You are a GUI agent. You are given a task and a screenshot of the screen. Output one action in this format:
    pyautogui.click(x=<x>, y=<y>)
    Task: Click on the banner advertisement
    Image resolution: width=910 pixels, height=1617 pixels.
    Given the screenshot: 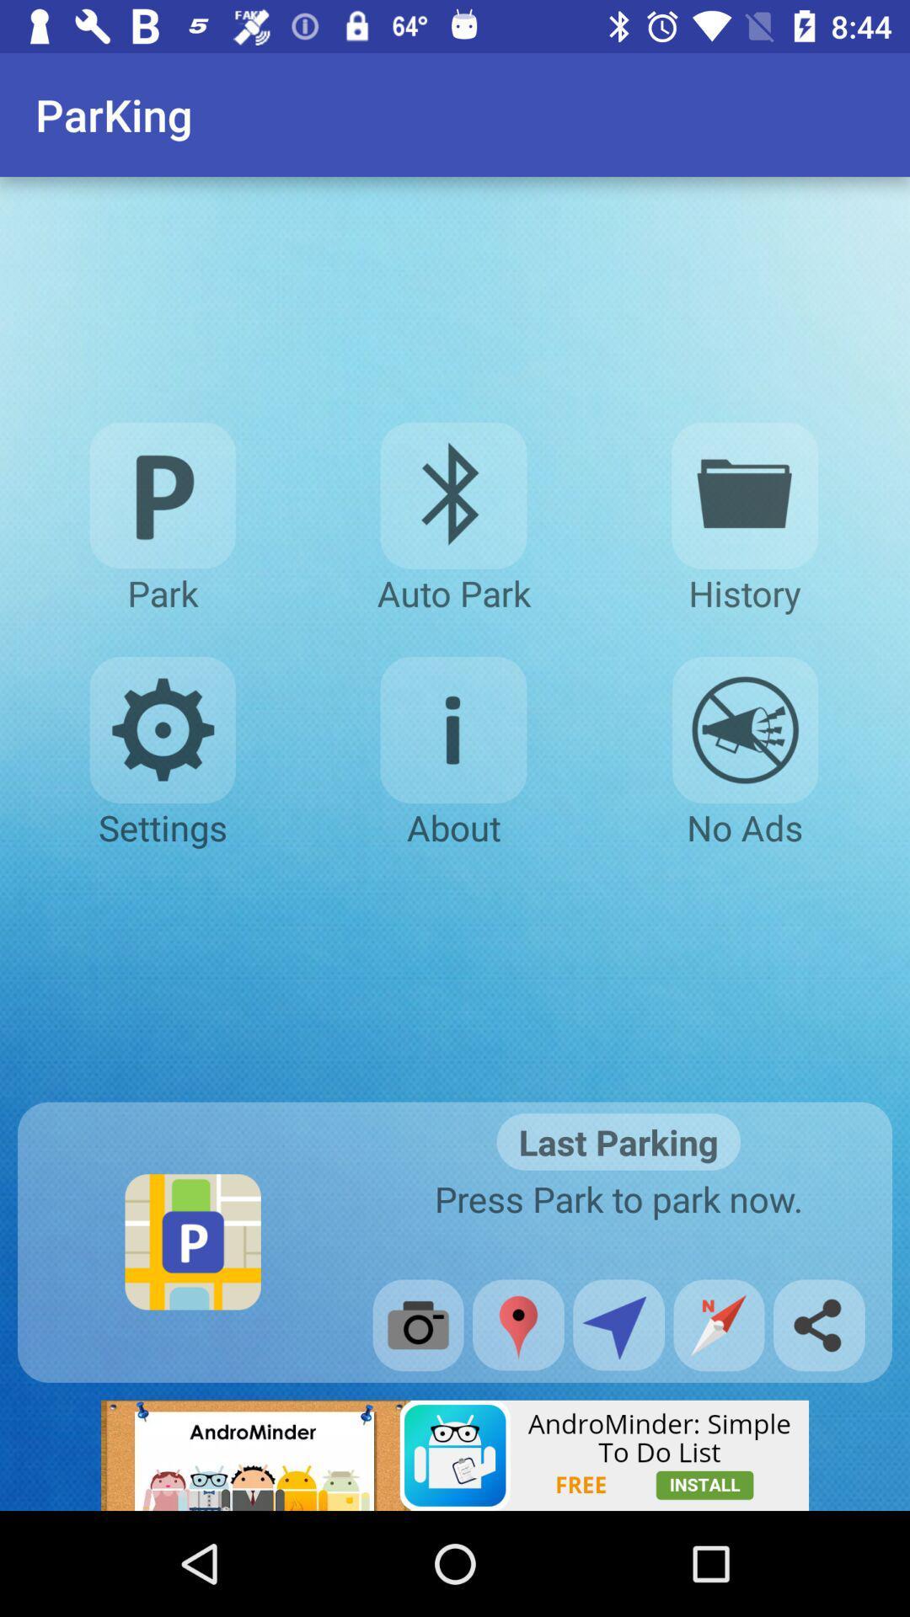 What is the action you would take?
    pyautogui.click(x=455, y=1454)
    